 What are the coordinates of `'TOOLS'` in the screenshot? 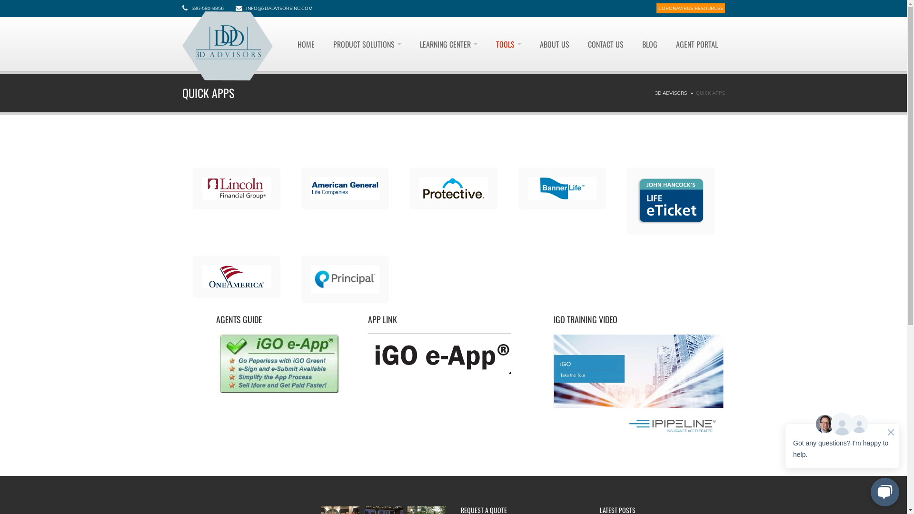 It's located at (488, 44).